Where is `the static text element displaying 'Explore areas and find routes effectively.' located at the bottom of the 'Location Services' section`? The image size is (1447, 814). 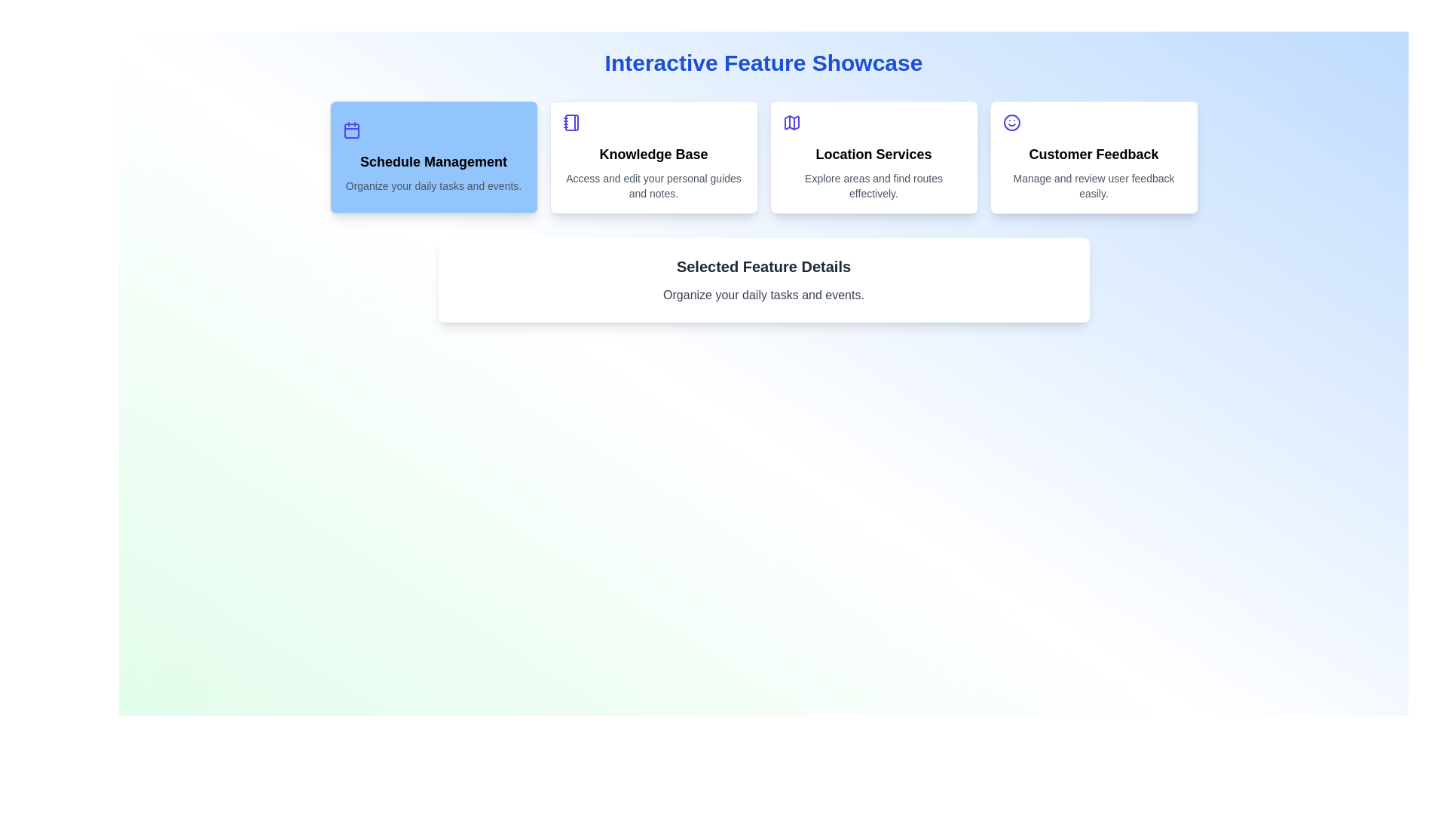
the static text element displaying 'Explore areas and find routes effectively.' located at the bottom of the 'Location Services' section is located at coordinates (873, 185).